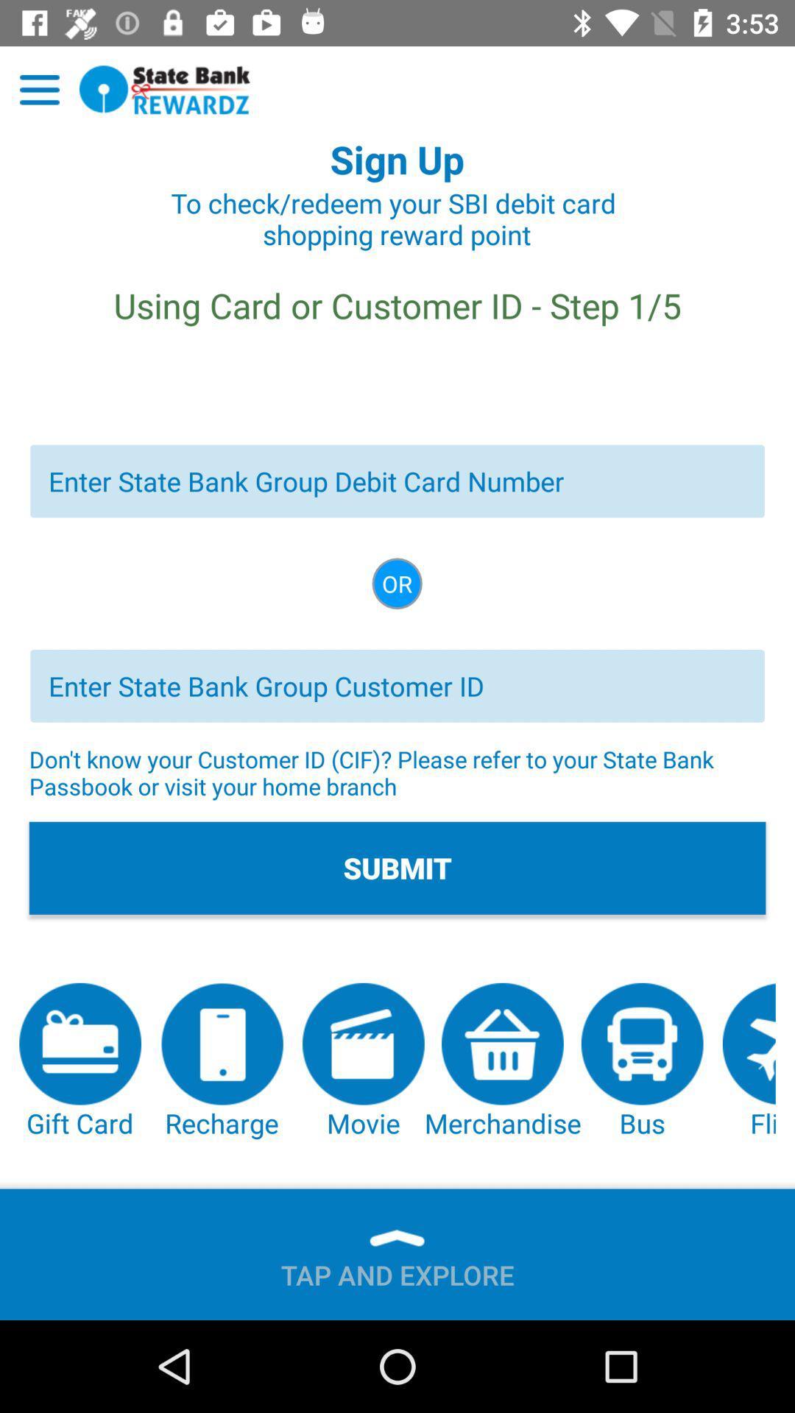  Describe the element at coordinates (397, 685) in the screenshot. I see `group customer id` at that location.